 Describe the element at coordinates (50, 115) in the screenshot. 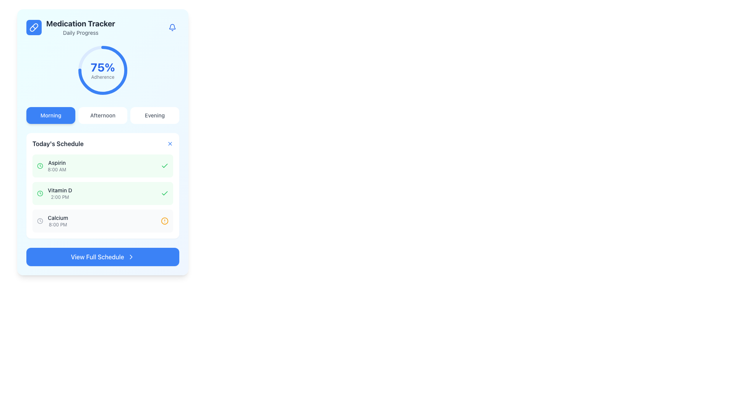

I see `the 'Morning' category button located at the top-left of the horizontal group of buttons, preceding the 'Afternoon' and 'Evening' buttons` at that location.